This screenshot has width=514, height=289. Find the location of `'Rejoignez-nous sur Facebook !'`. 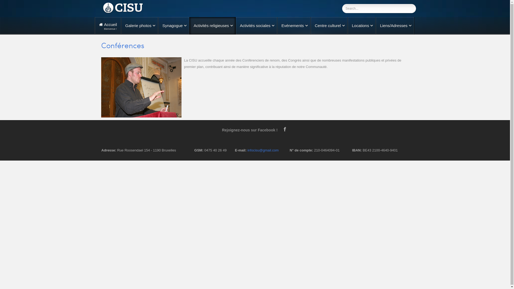

'Rejoignez-nous sur Facebook !' is located at coordinates (251, 130).